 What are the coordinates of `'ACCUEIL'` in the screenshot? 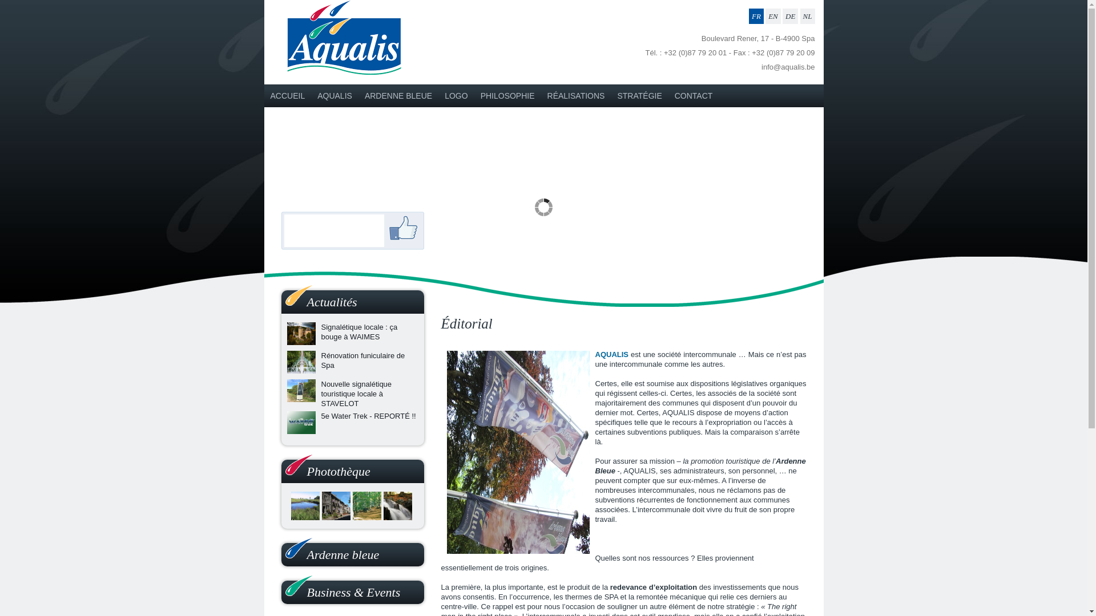 It's located at (287, 95).